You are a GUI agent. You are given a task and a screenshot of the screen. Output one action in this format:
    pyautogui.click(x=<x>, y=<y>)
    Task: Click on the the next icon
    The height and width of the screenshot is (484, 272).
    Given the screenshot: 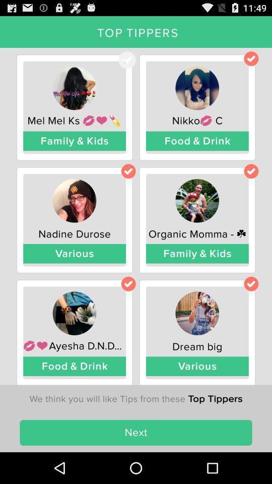 What is the action you would take?
    pyautogui.click(x=136, y=432)
    